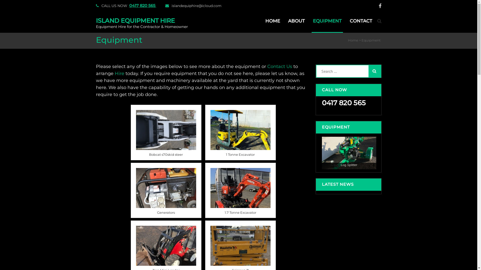 The image size is (481, 270). What do you see at coordinates (166, 188) in the screenshot?
I see `'8 kva or silenced 2kva generators available'` at bounding box center [166, 188].